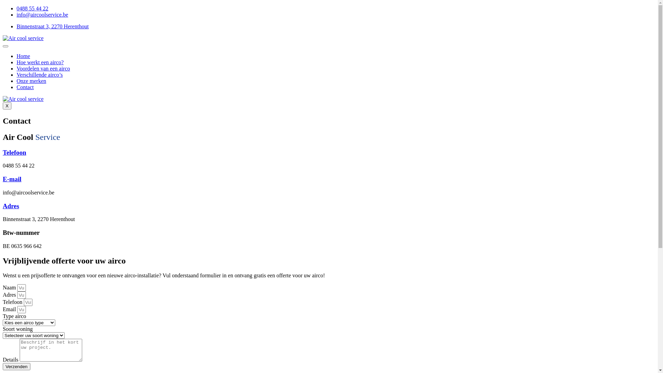 The width and height of the screenshot is (663, 373). I want to click on 'E-mail', so click(12, 179).